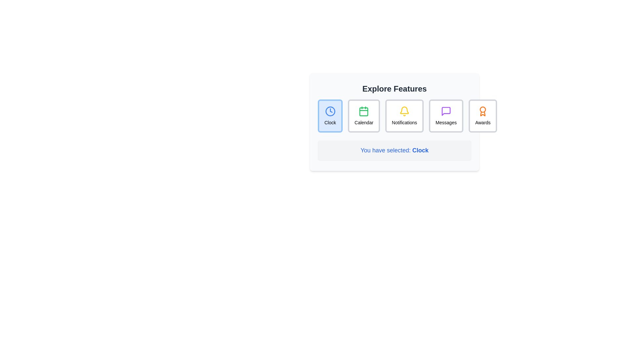 The image size is (635, 357). I want to click on the Informative label displaying 'Clock', which indicates the currently selected feature and is located in the feature selection section, centered horizontally beneath the feature icons, so click(395, 150).